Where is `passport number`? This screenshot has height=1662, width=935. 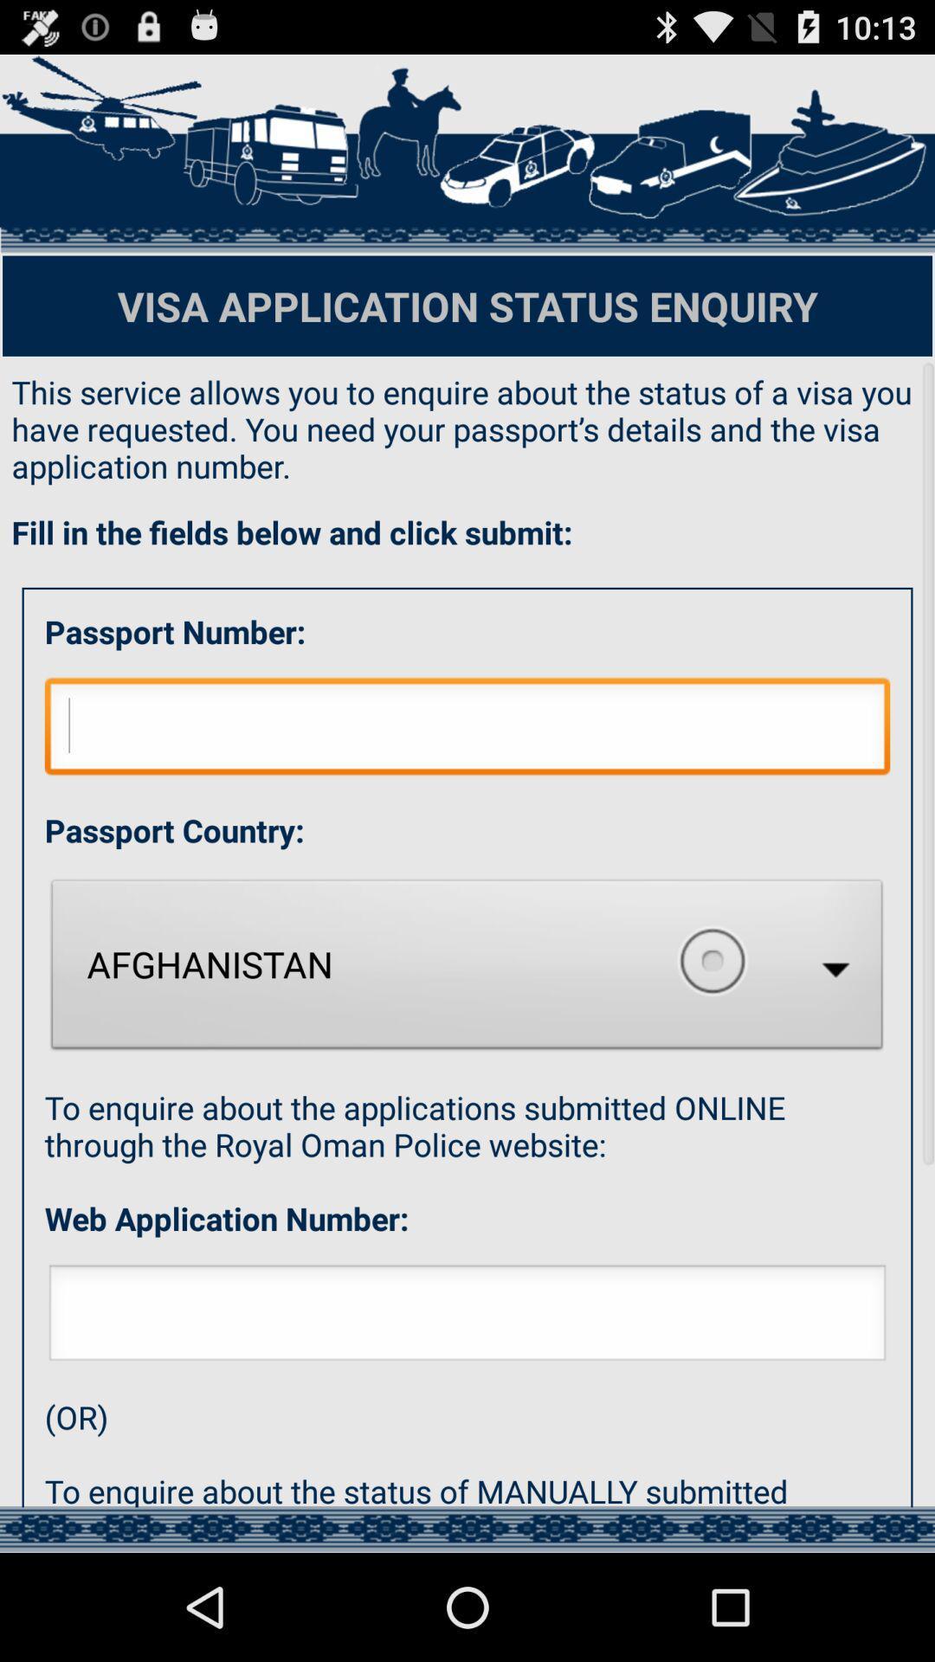
passport number is located at coordinates (467, 731).